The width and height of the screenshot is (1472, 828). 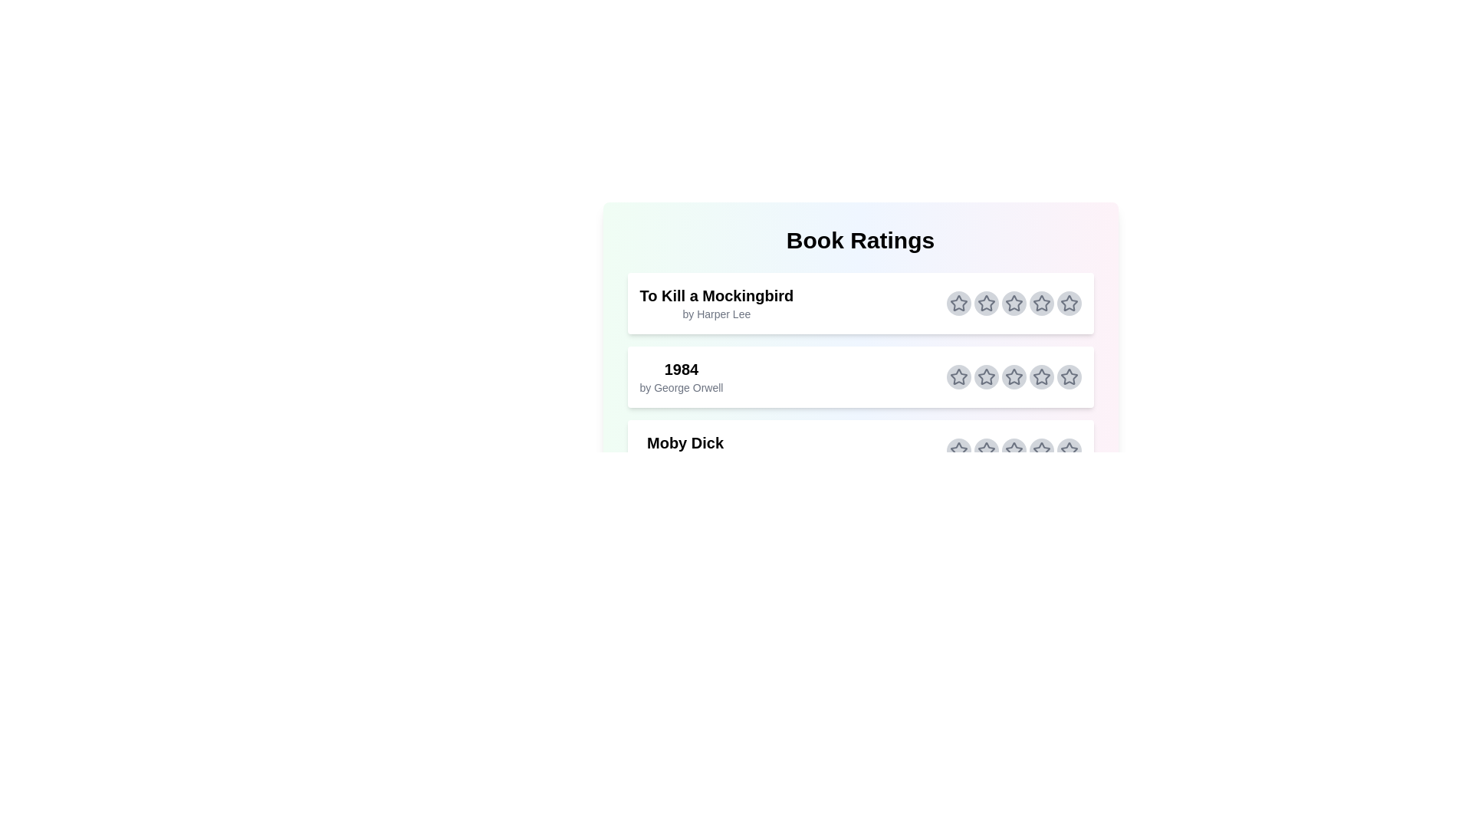 What do you see at coordinates (986, 377) in the screenshot?
I see `the star corresponding to 2 stars for the book titled 1984` at bounding box center [986, 377].